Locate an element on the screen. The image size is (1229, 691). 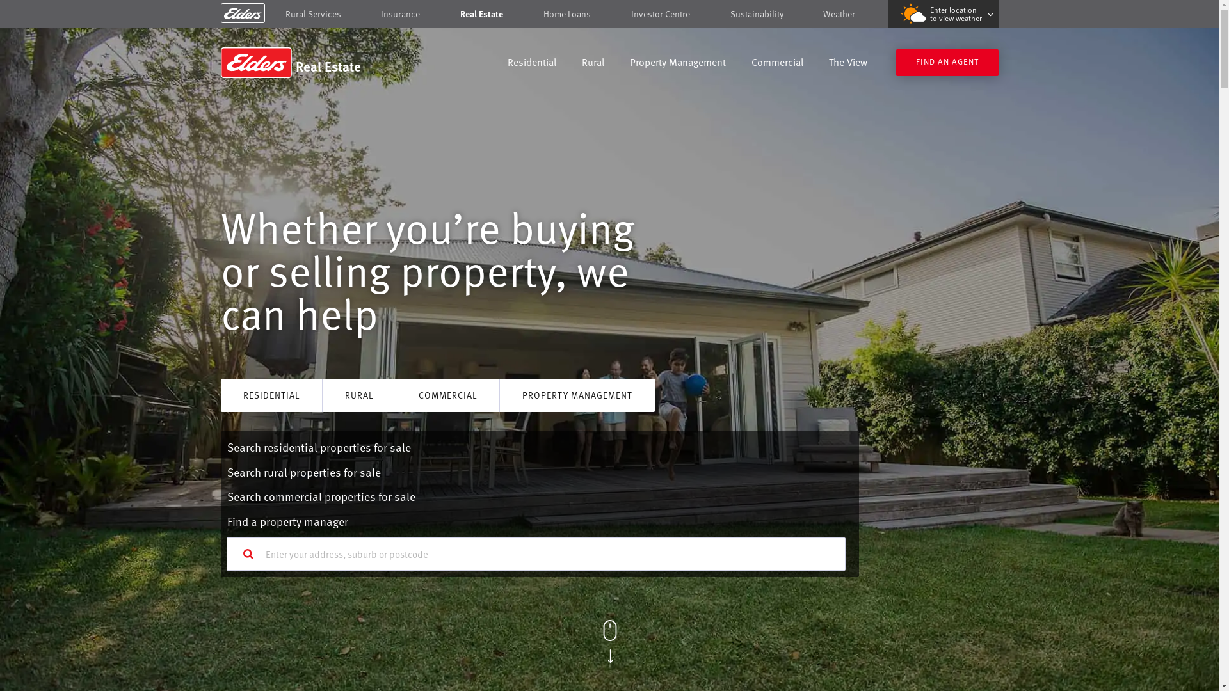
'FIND AN AGENT' is located at coordinates (947, 62).